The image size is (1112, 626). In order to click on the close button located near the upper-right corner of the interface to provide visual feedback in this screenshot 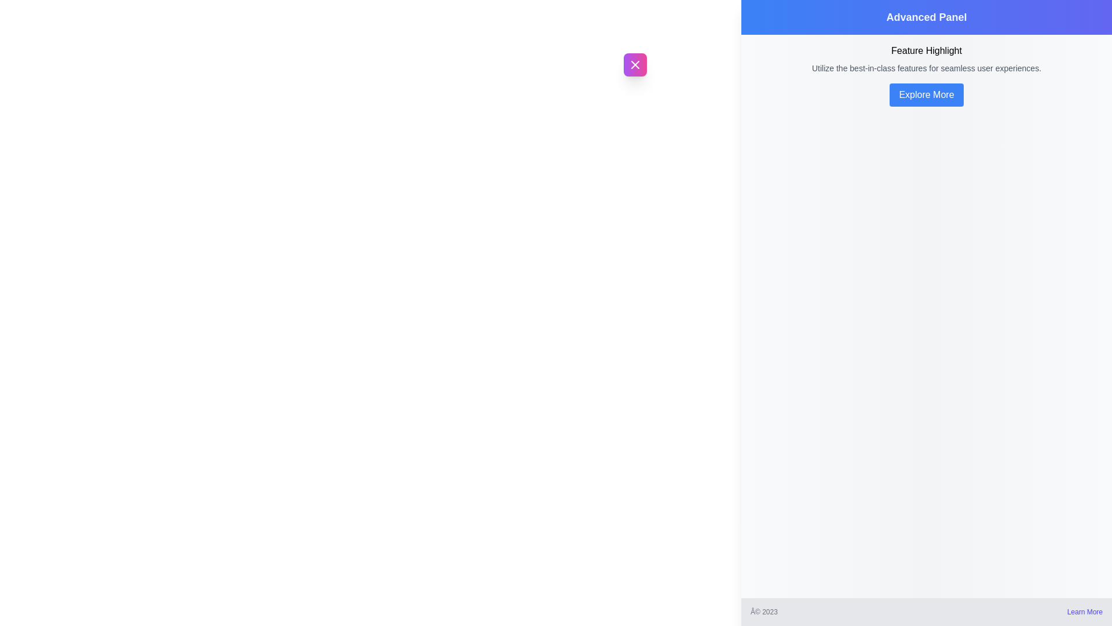, I will do `click(634, 64)`.